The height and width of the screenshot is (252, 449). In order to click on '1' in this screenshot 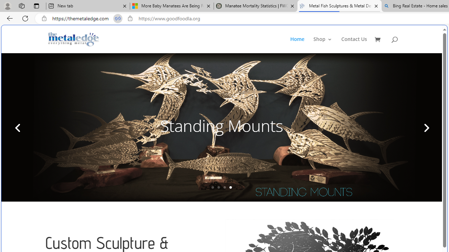, I will do `click(212, 187)`.